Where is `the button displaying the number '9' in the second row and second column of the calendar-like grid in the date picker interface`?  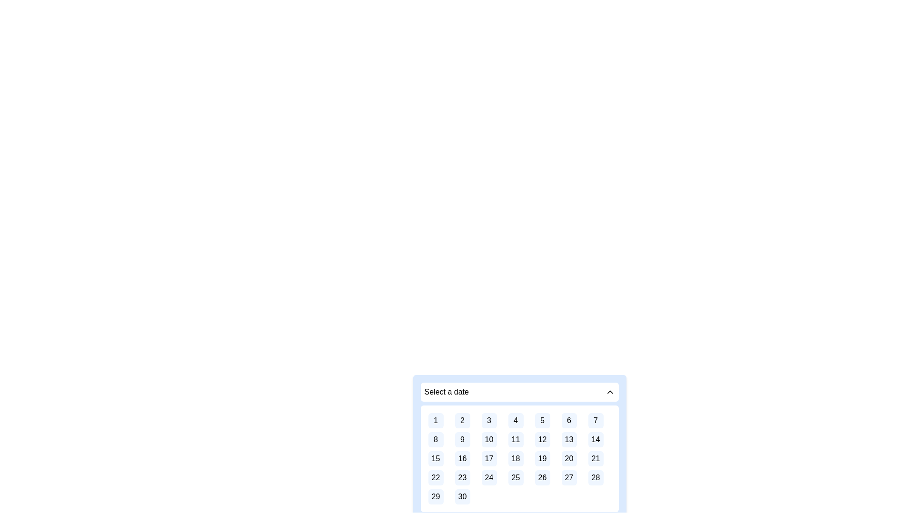 the button displaying the number '9' in the second row and second column of the calendar-like grid in the date picker interface is located at coordinates (462, 440).